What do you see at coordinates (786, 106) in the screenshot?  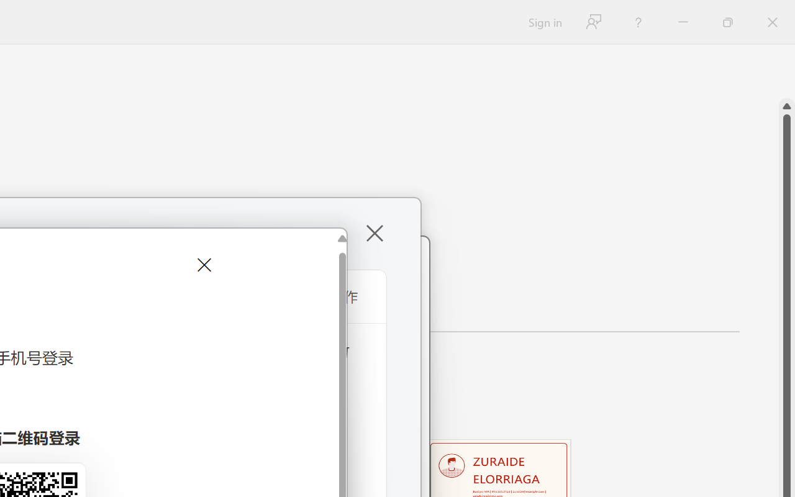 I see `'Line up'` at bounding box center [786, 106].